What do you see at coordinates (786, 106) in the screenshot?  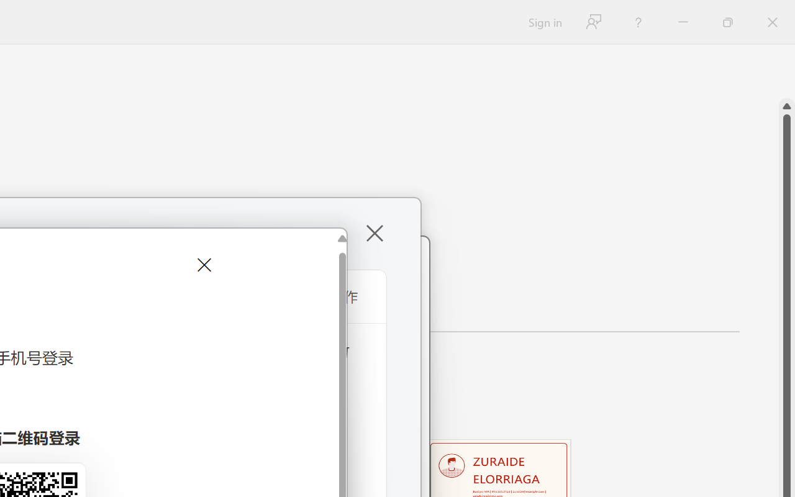 I see `'Line up'` at bounding box center [786, 106].